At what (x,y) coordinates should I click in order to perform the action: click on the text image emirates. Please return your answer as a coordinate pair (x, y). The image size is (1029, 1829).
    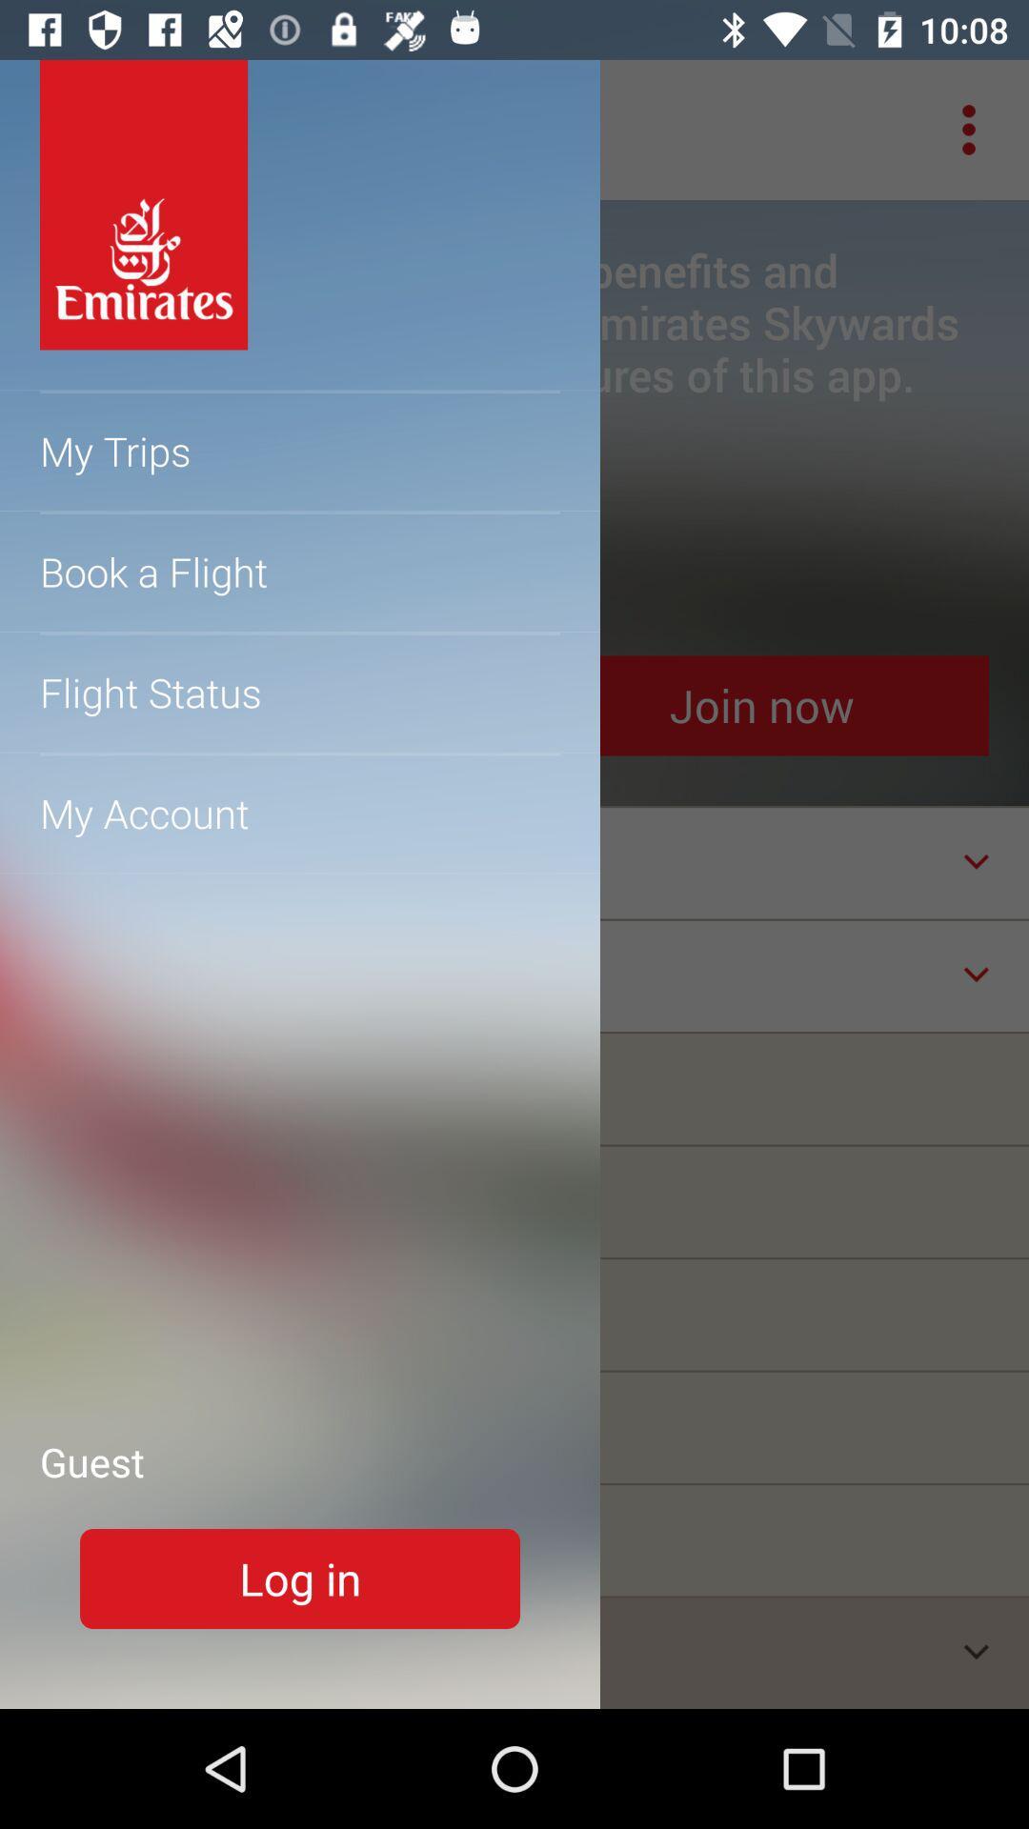
    Looking at the image, I should click on (142, 205).